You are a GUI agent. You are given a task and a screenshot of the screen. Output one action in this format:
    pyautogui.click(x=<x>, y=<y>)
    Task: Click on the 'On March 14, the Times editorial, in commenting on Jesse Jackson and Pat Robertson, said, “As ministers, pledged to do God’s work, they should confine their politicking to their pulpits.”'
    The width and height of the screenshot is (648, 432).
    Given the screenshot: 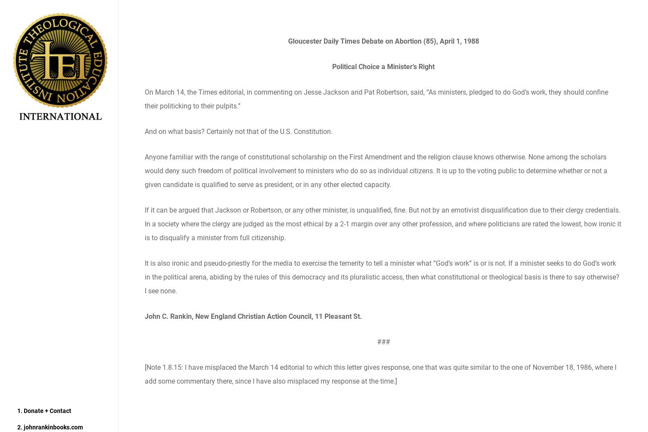 What is the action you would take?
    pyautogui.click(x=376, y=98)
    